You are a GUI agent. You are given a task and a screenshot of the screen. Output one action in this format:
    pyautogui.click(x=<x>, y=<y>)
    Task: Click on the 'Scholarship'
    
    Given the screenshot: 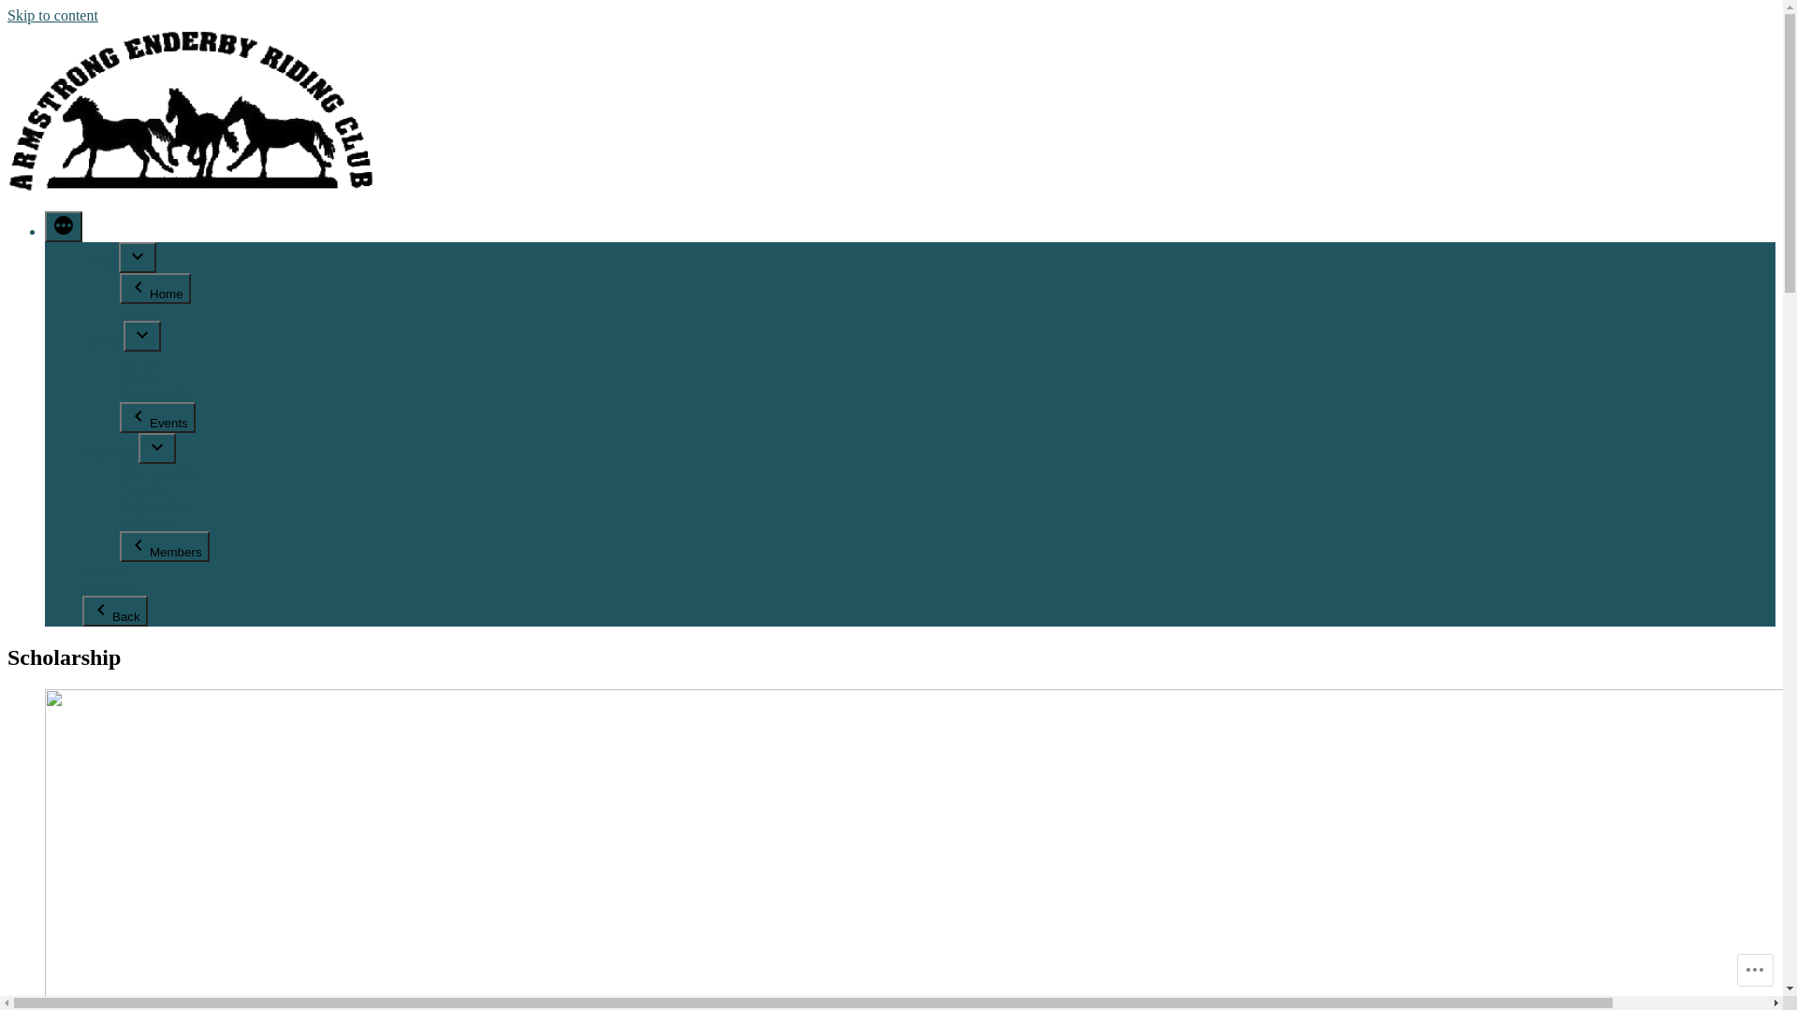 What is the action you would take?
    pyautogui.click(x=155, y=505)
    